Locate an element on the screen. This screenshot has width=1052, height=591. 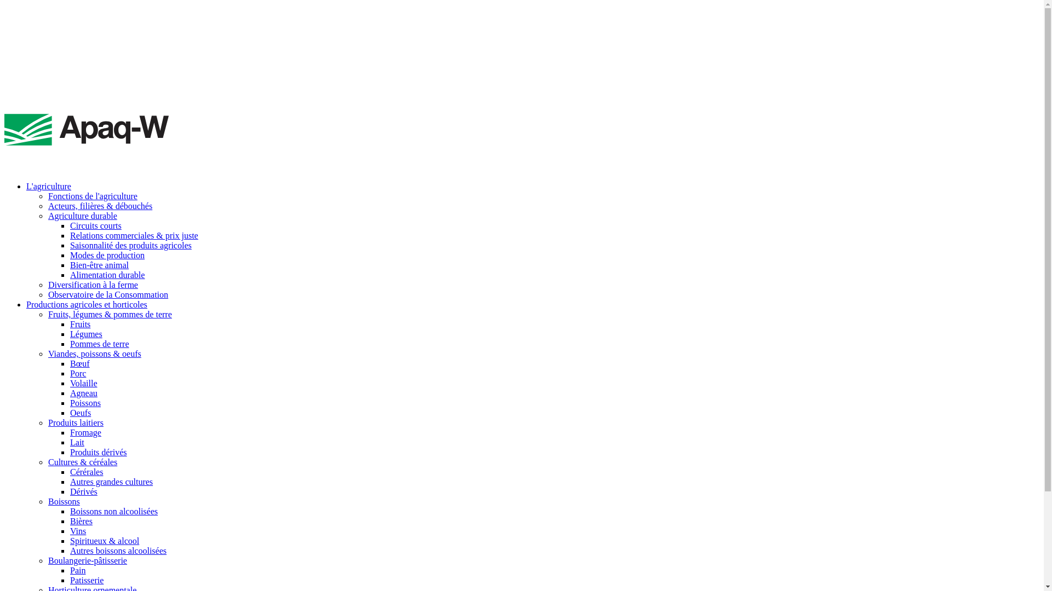
'Pommes de terre' is located at coordinates (100, 343).